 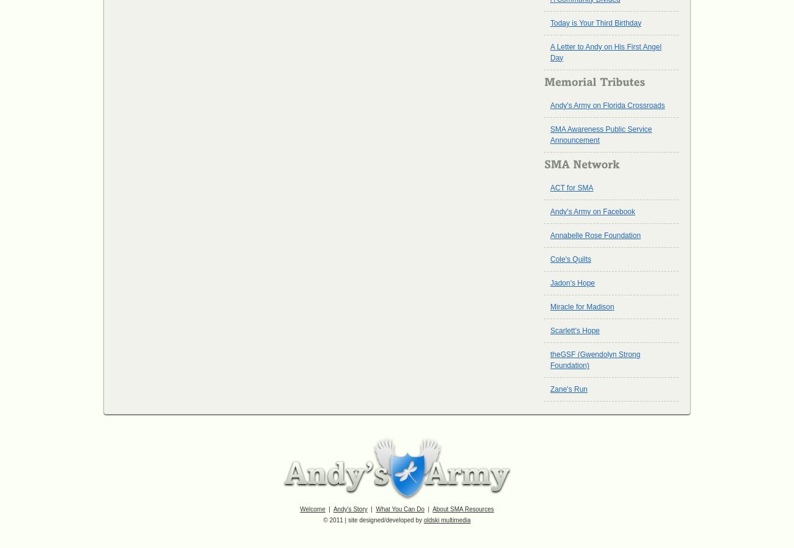 What do you see at coordinates (575, 330) in the screenshot?
I see `'Scarlett's Hope'` at bounding box center [575, 330].